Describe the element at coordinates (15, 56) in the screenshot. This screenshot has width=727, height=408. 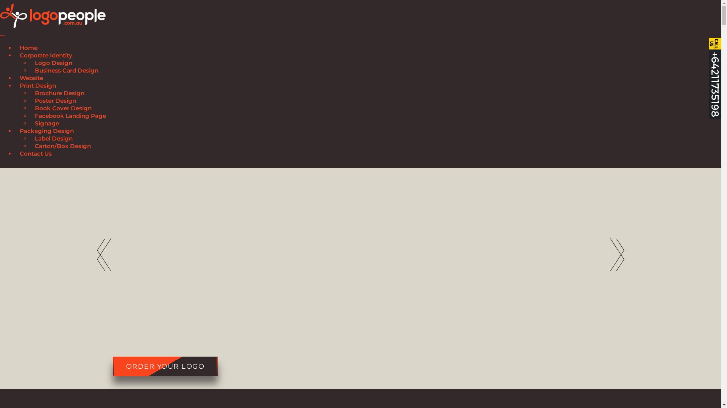
I see `'Corporate Identity'` at that location.